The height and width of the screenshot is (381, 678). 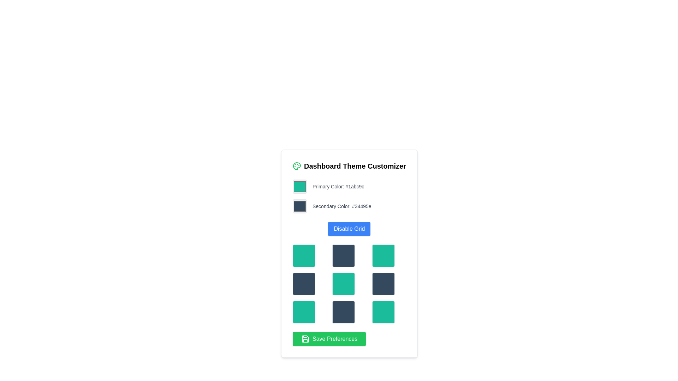 I want to click on text content of the Text Label stating 'Secondary Color: #34495e', which is styled in small gray font and positioned next to a square color preview box in the Dashboard Theme Customizer, so click(x=342, y=206).